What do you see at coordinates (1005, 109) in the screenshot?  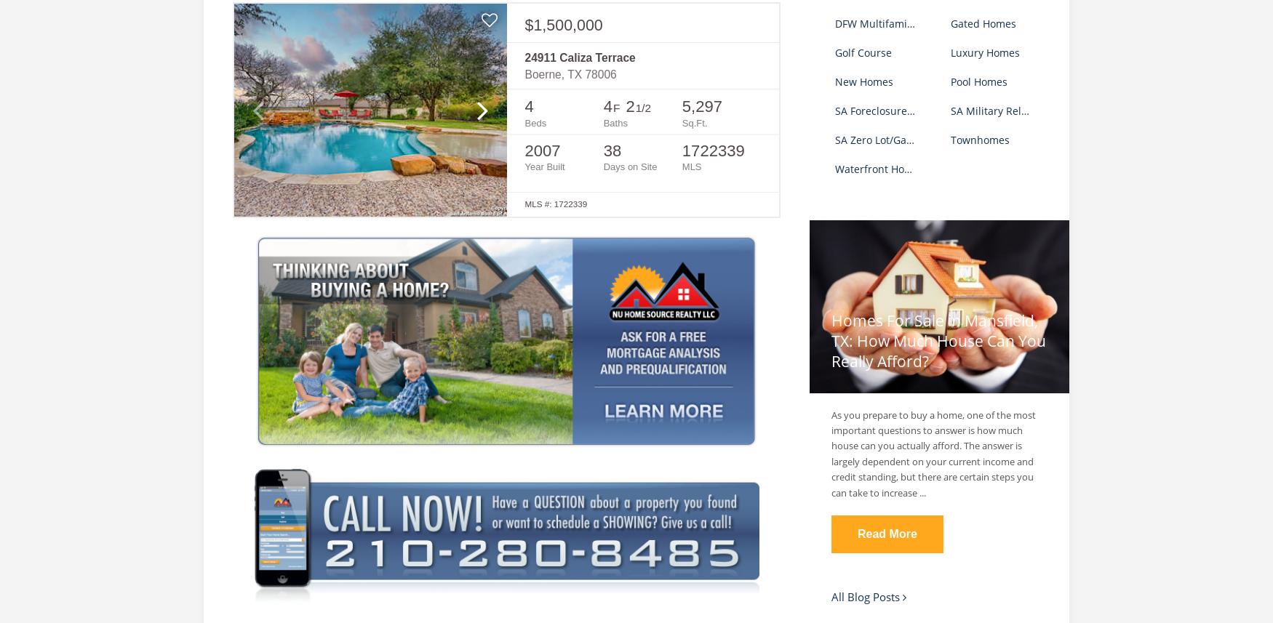 I see `'SA Military Relocations'` at bounding box center [1005, 109].